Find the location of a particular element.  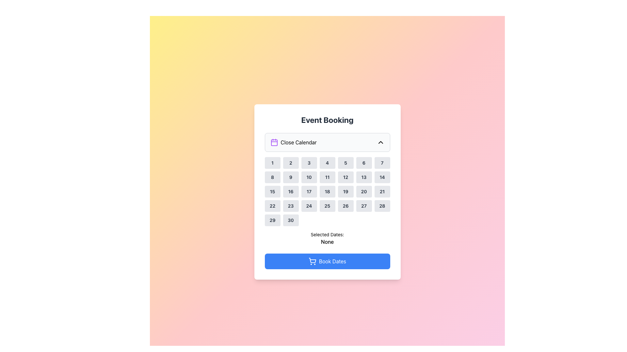

the small rectangular button displaying the number '8' with a light gray background is located at coordinates (272, 177).